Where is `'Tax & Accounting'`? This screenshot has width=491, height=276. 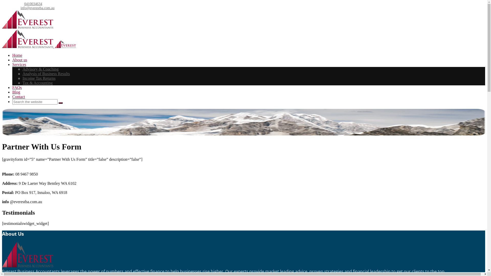 'Tax & Accounting' is located at coordinates (37, 83).